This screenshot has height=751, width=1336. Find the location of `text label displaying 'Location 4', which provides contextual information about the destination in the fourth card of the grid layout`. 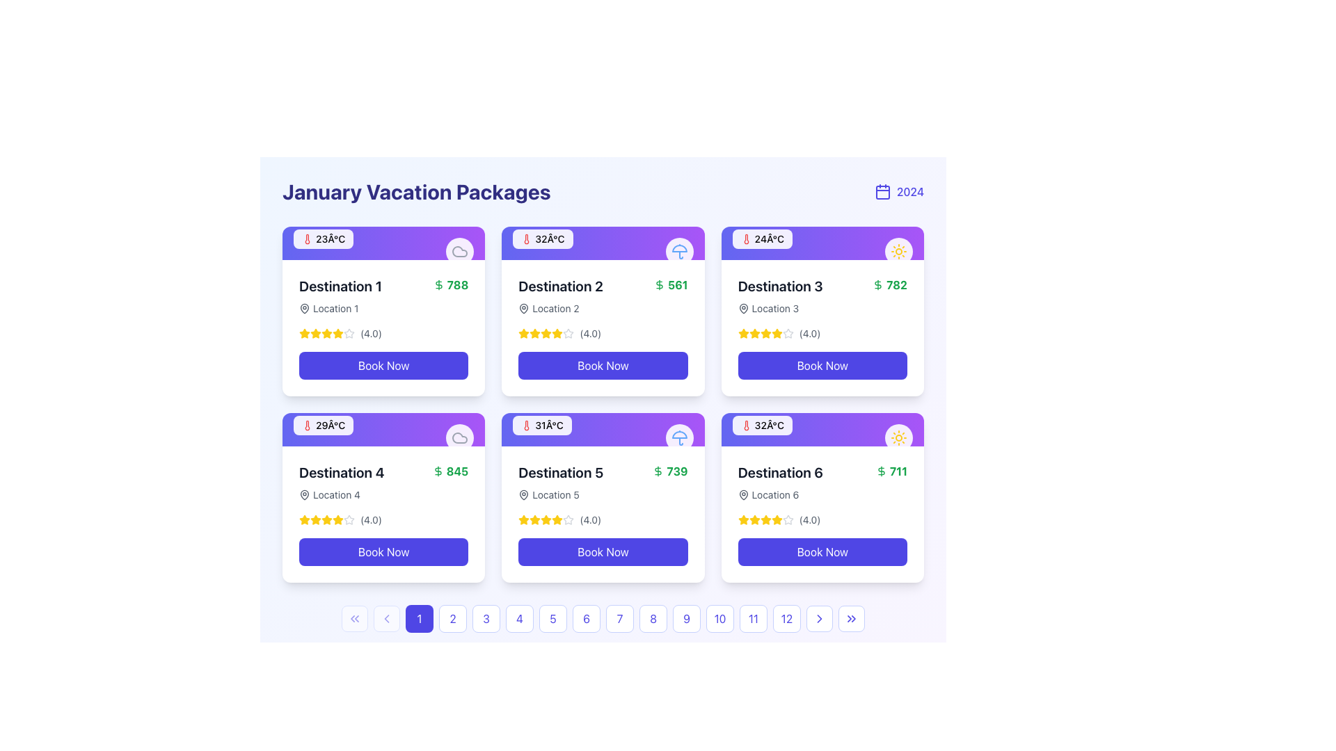

text label displaying 'Location 4', which provides contextual information about the destination in the fourth card of the grid layout is located at coordinates (337, 494).